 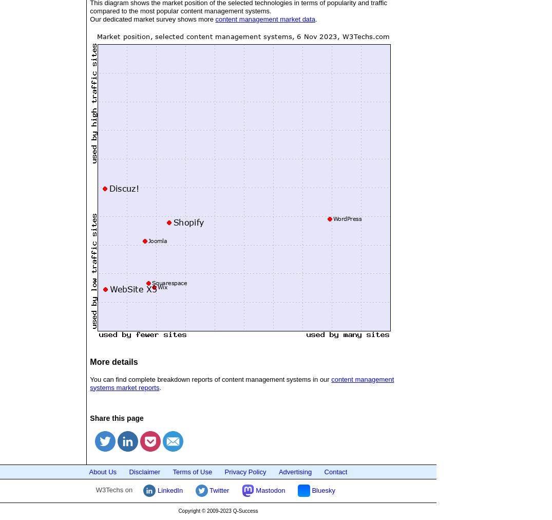 I want to click on 'Terms of Use', so click(x=192, y=471).